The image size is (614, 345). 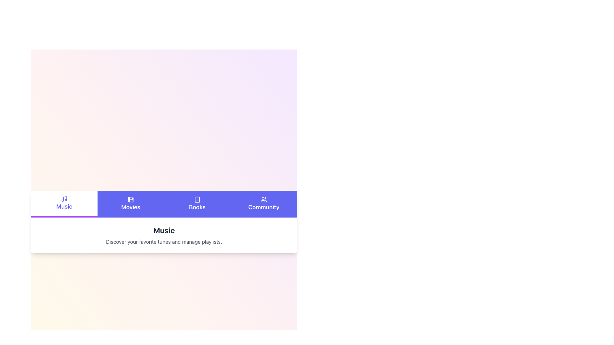 I want to click on the navigation button for the Movies section located in the second slot of the horizontal navigation bar, between the Music and Books items, so click(x=130, y=204).